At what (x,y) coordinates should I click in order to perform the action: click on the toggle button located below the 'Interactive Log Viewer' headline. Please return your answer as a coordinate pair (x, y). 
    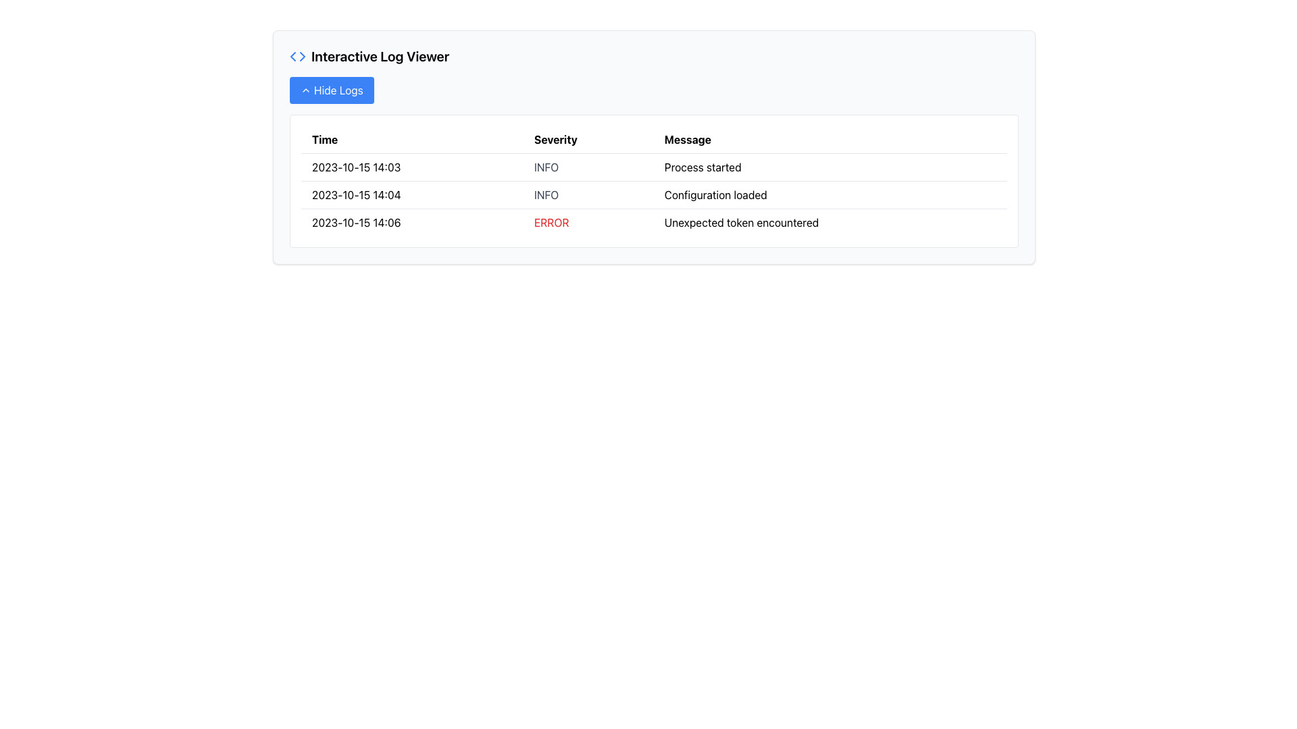
    Looking at the image, I should click on (332, 90).